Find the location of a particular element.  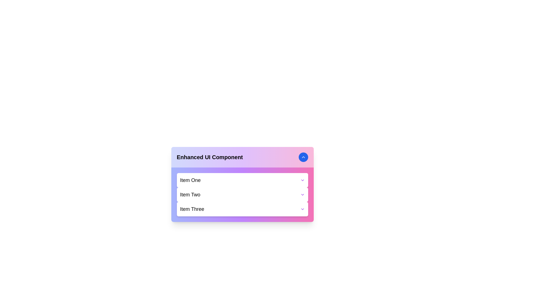

the list item labeled 'Item Three' is located at coordinates (242, 209).